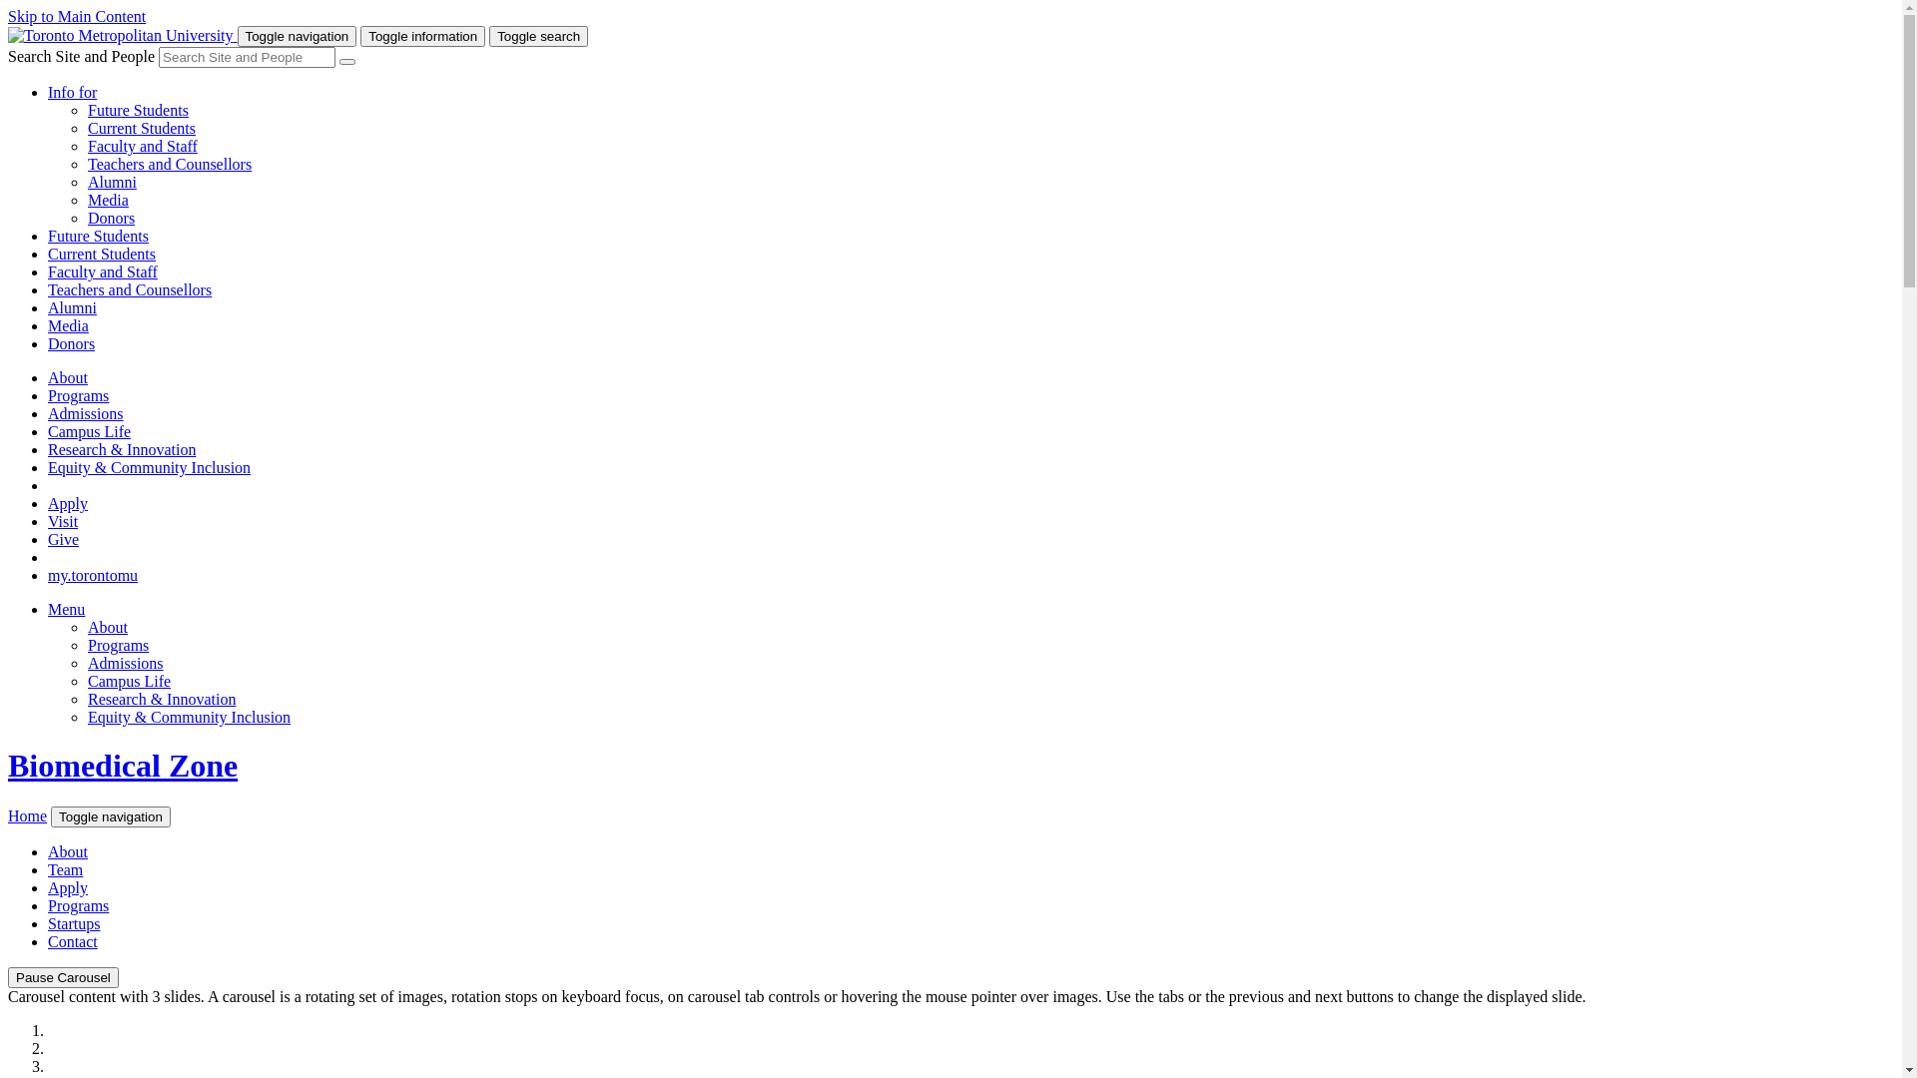  I want to click on 'Home', so click(27, 815).